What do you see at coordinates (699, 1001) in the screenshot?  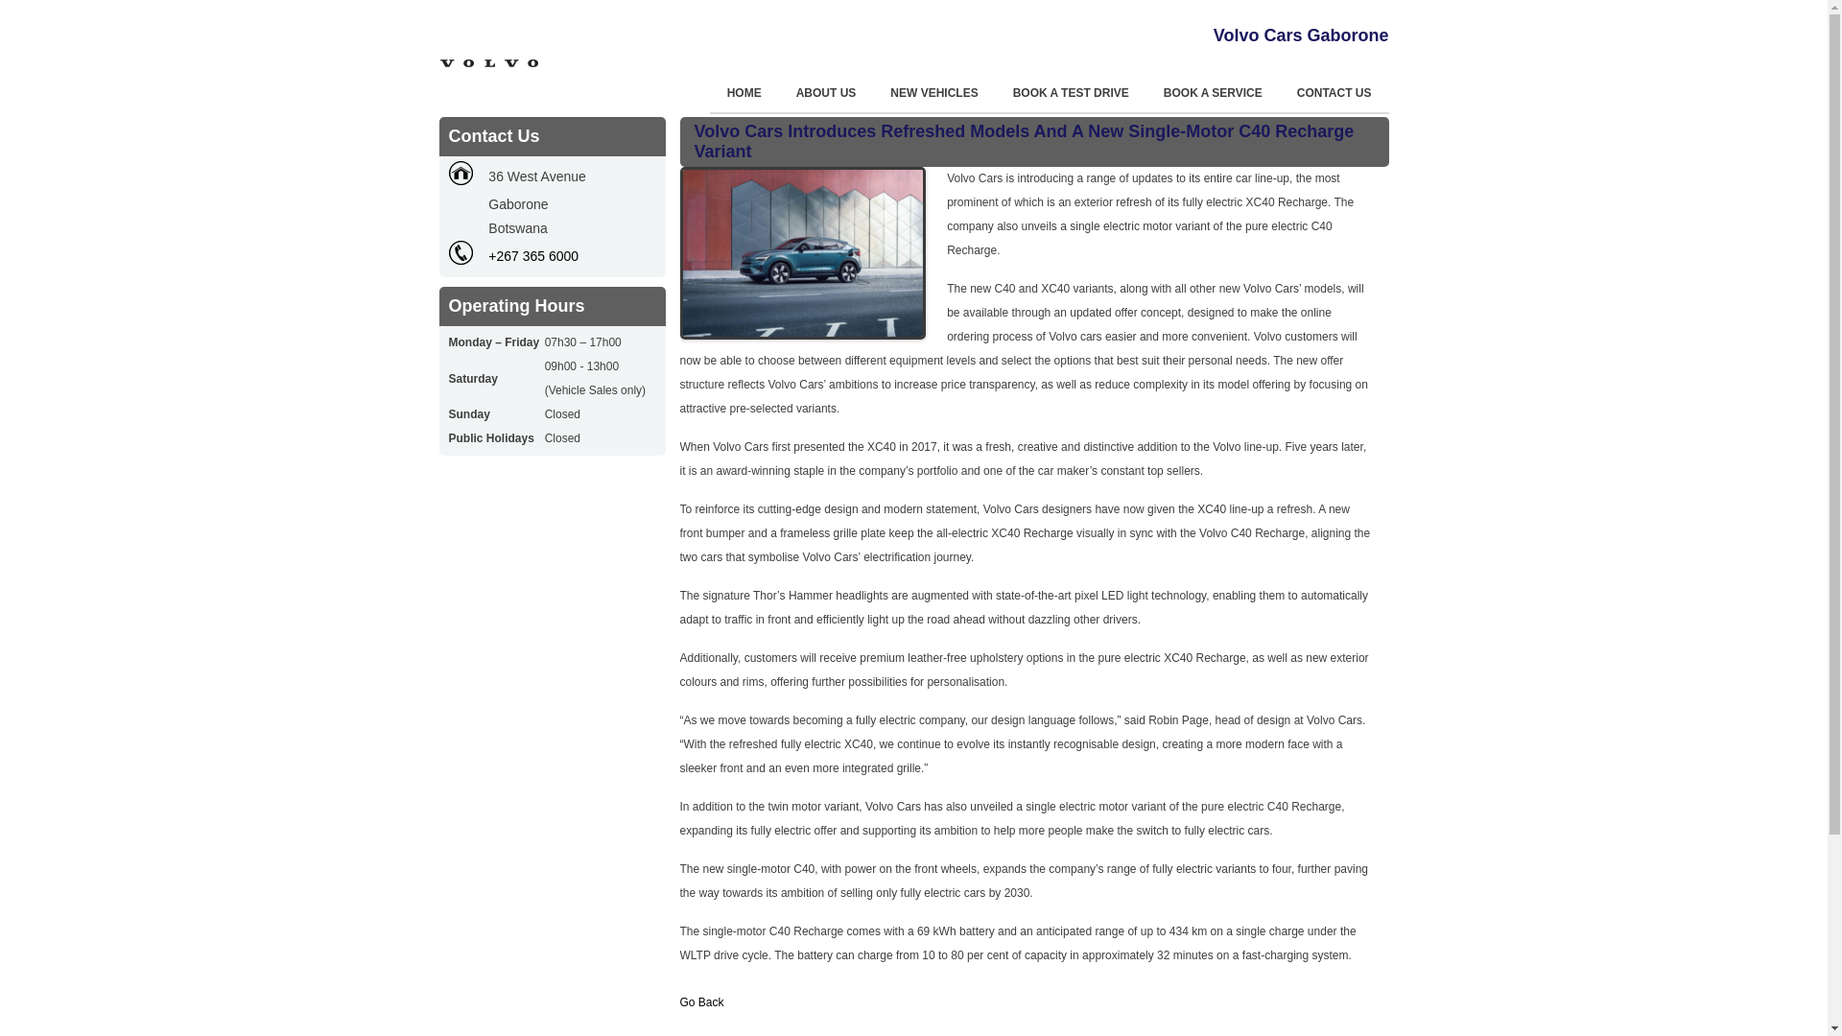 I see `'Go Back'` at bounding box center [699, 1001].